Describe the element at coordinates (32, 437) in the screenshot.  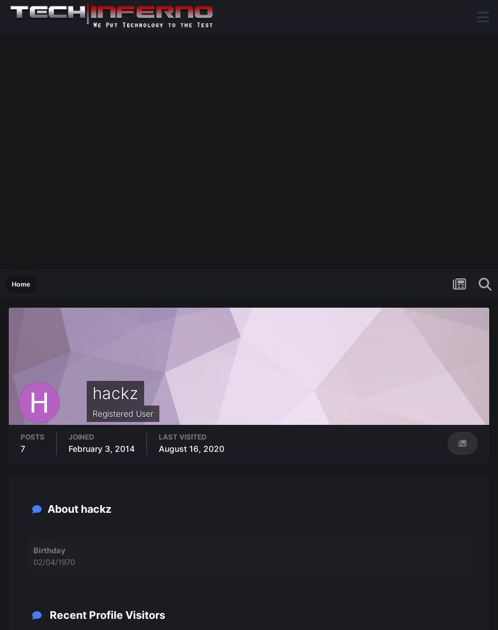
I see `'Posts'` at that location.